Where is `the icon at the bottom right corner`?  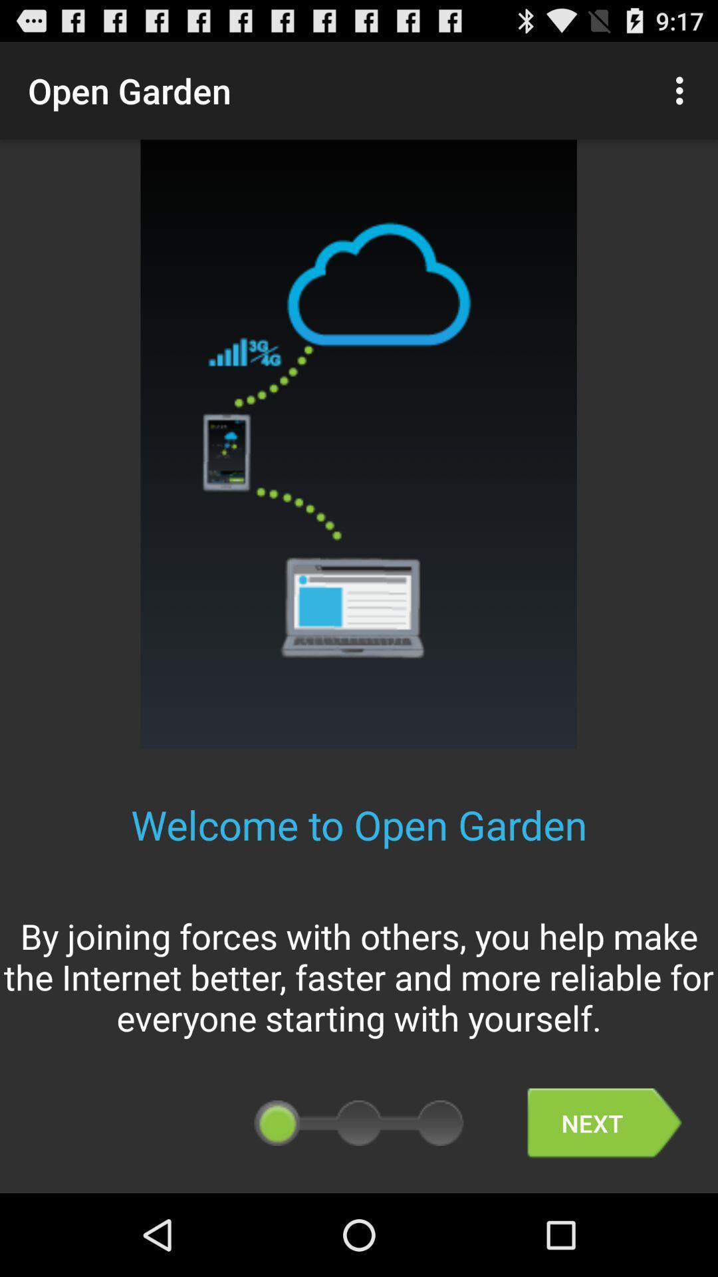
the icon at the bottom right corner is located at coordinates (604, 1123).